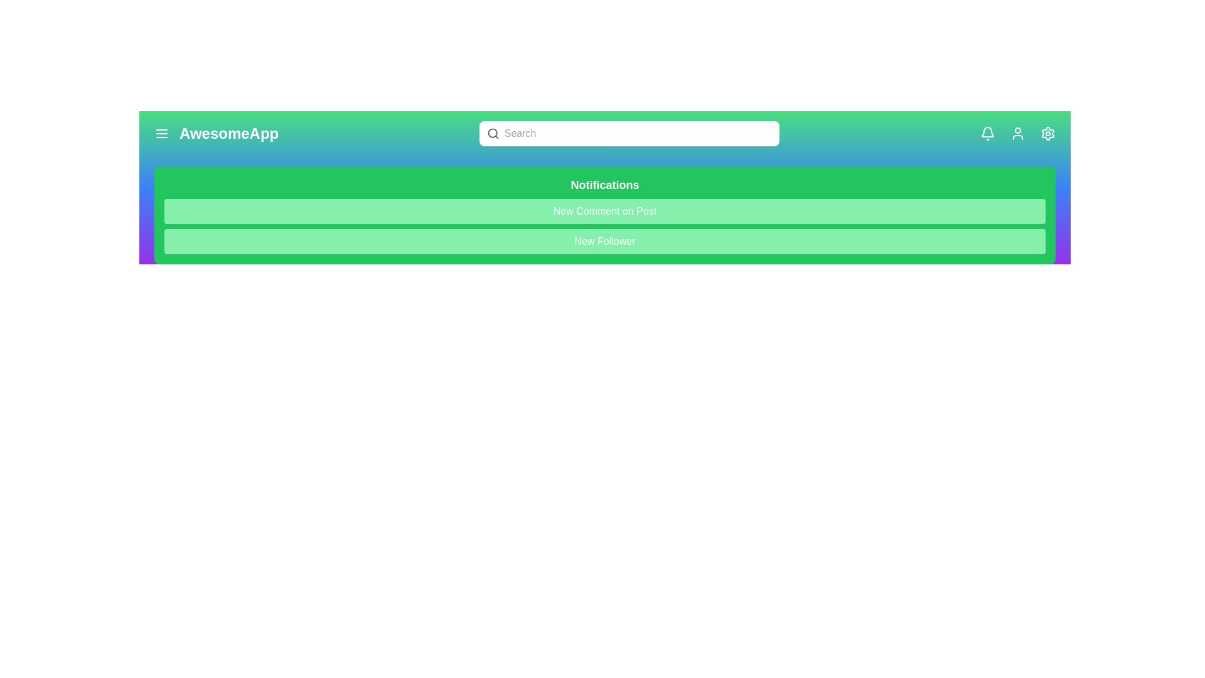 Image resolution: width=1205 pixels, height=678 pixels. Describe the element at coordinates (229, 133) in the screenshot. I see `the text label 'AwesomeApp' located in the header section, styled with a bold, large font size and positioned to the right of a menu icon` at that location.